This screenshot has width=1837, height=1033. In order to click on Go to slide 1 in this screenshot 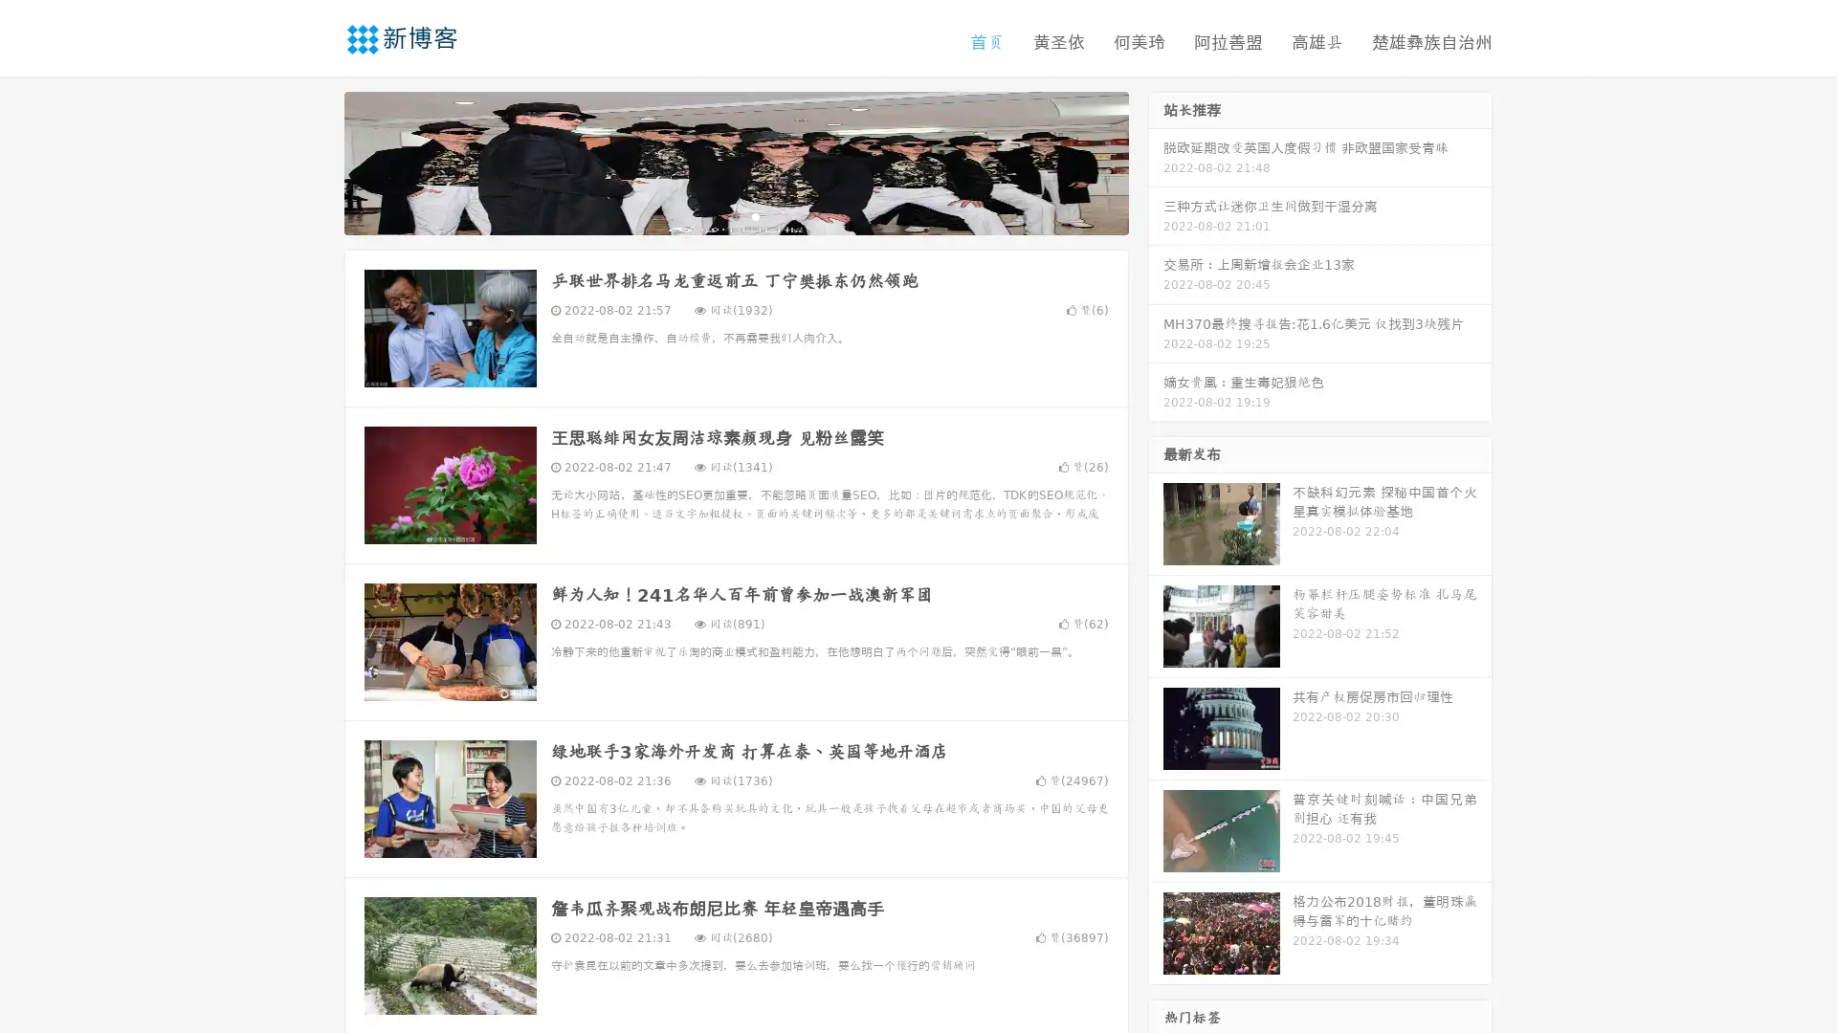, I will do `click(716, 215)`.